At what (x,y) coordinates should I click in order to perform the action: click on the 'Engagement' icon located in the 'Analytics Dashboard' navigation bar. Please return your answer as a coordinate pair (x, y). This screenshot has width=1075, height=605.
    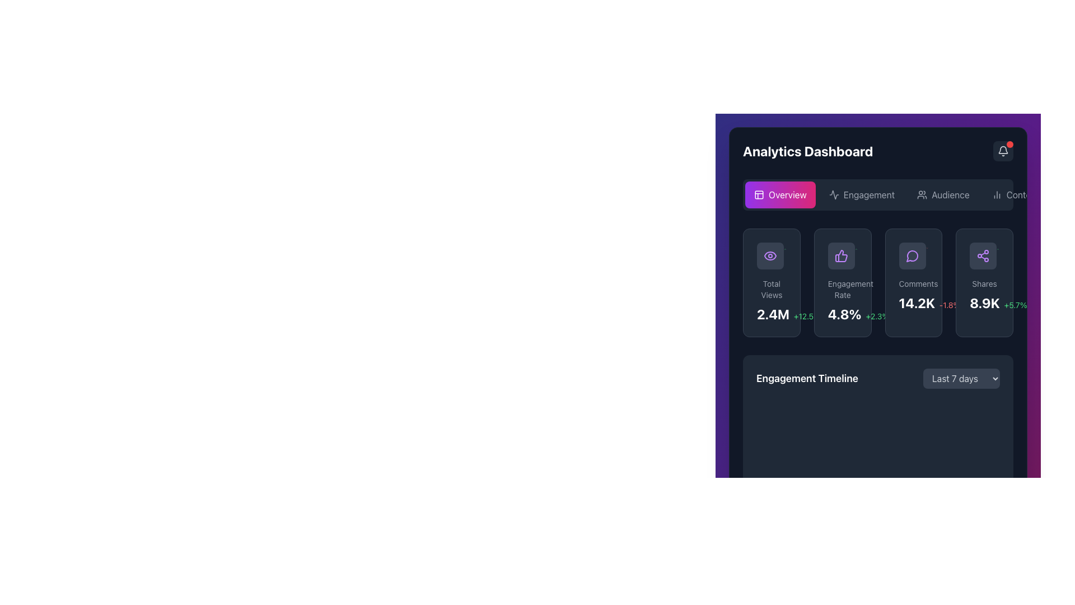
    Looking at the image, I should click on (834, 194).